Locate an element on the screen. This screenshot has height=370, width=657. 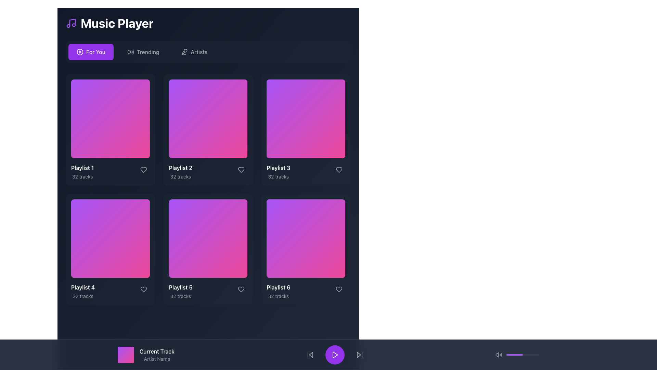
text information from the Text Block containing 'Playlist 4' in bold white font and '32 tracks' in smaller gray text, located in the bottom left cell of a 2x3 grid layout is located at coordinates (82, 292).